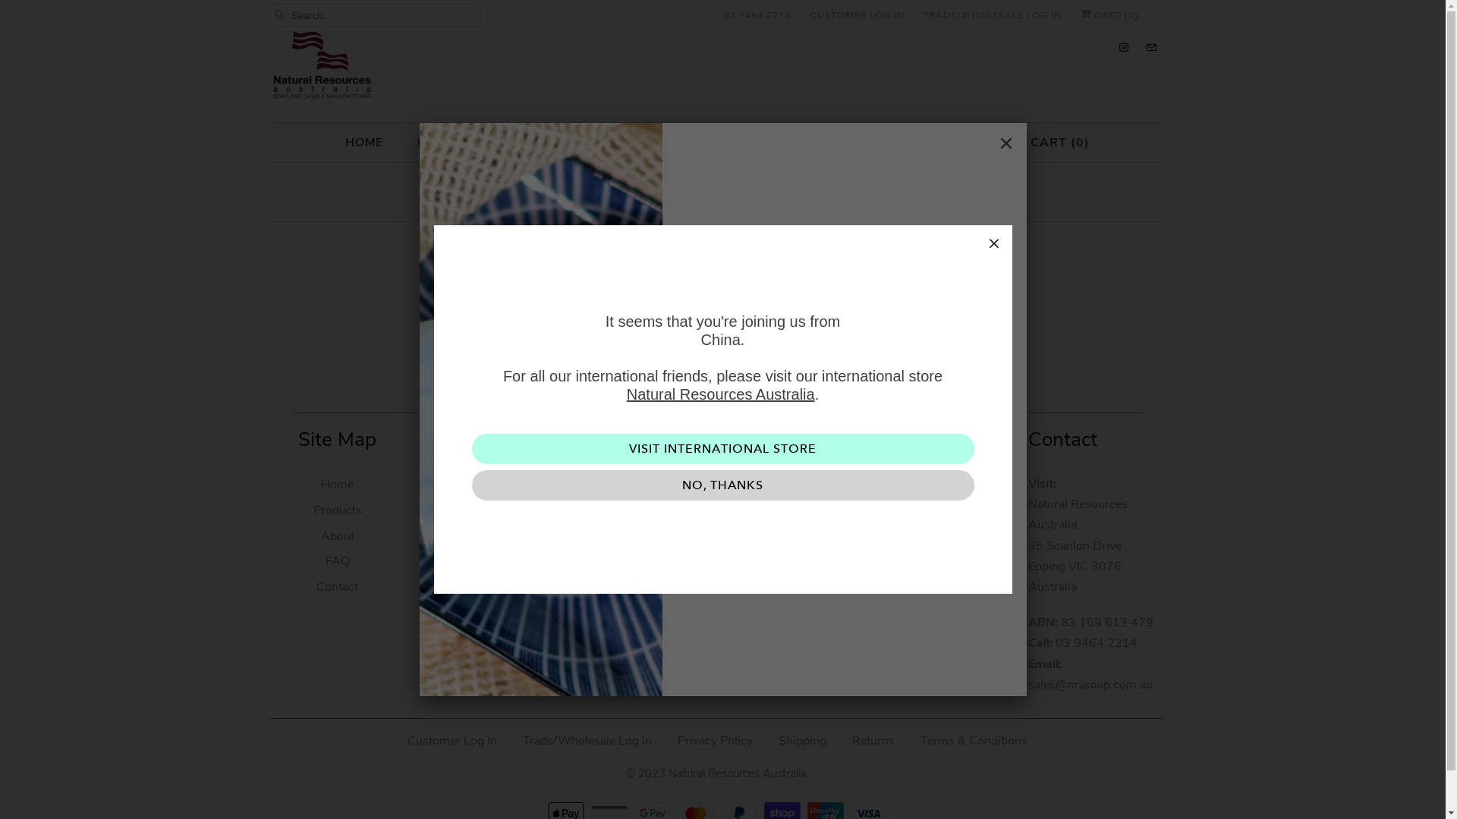 Image resolution: width=1457 pixels, height=819 pixels. What do you see at coordinates (336, 485) in the screenshot?
I see `'Home'` at bounding box center [336, 485].